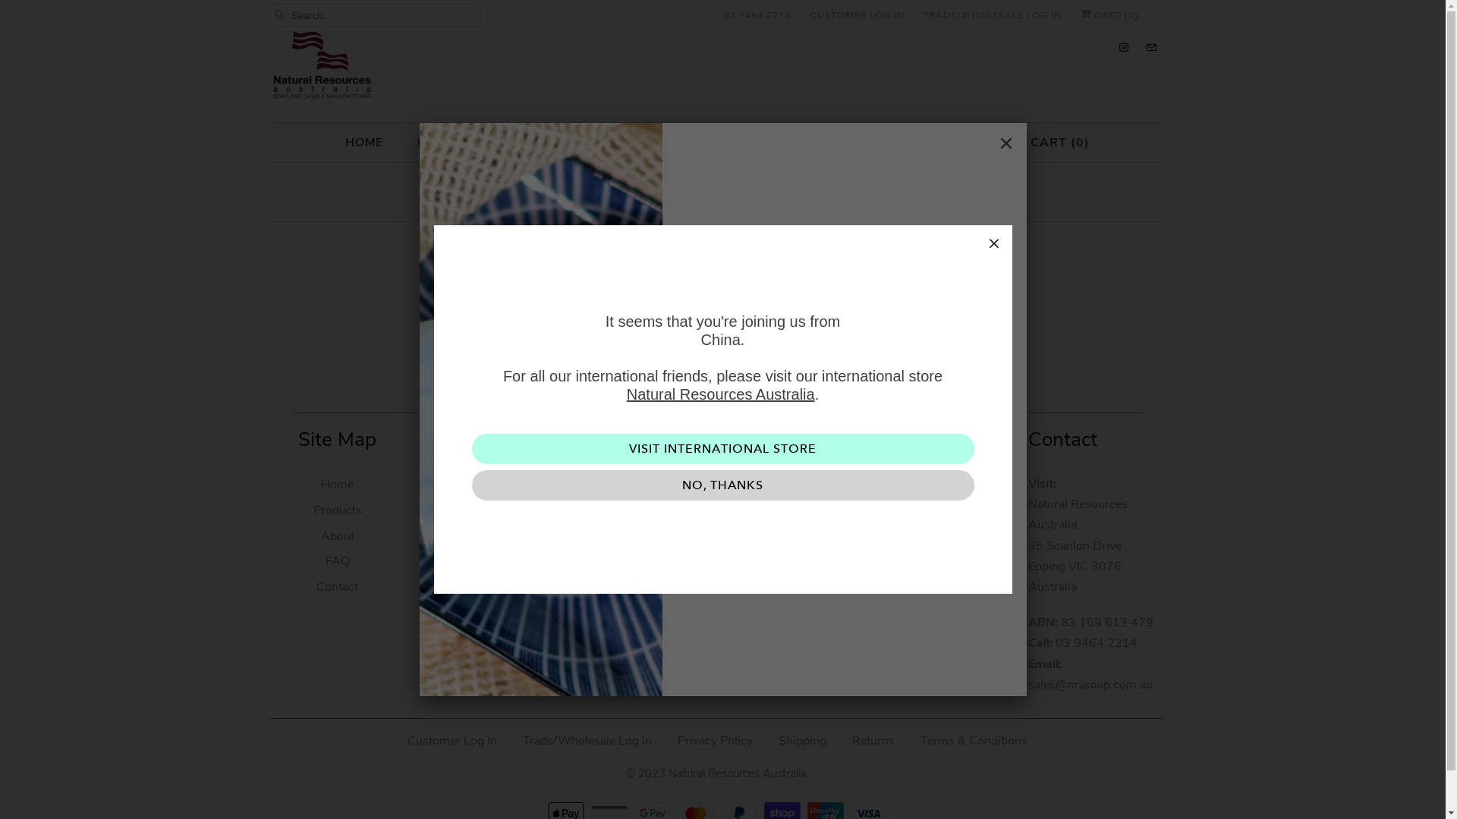 Image resolution: width=1457 pixels, height=819 pixels. What do you see at coordinates (336, 485) in the screenshot?
I see `'Home'` at bounding box center [336, 485].